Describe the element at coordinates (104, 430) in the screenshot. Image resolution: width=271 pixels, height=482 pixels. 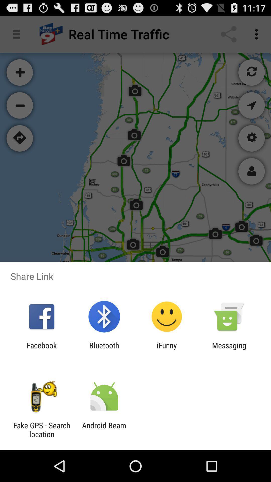
I see `the item to the right of the fake gps search` at that location.